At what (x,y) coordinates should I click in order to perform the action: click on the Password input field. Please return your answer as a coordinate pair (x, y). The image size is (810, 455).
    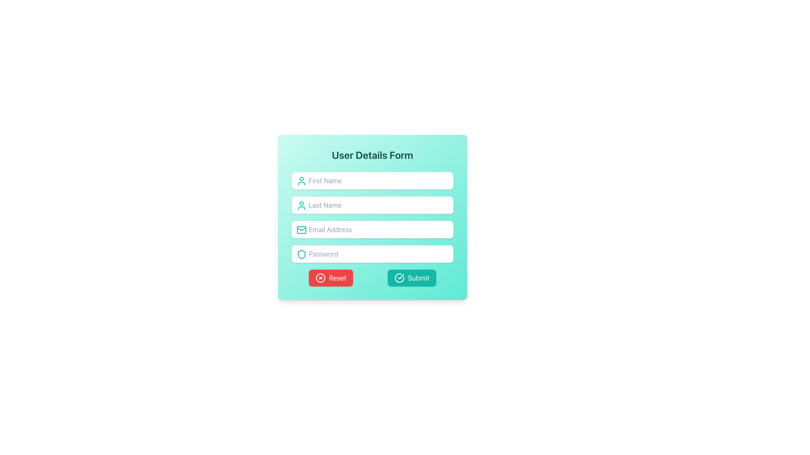
    Looking at the image, I should click on (372, 253).